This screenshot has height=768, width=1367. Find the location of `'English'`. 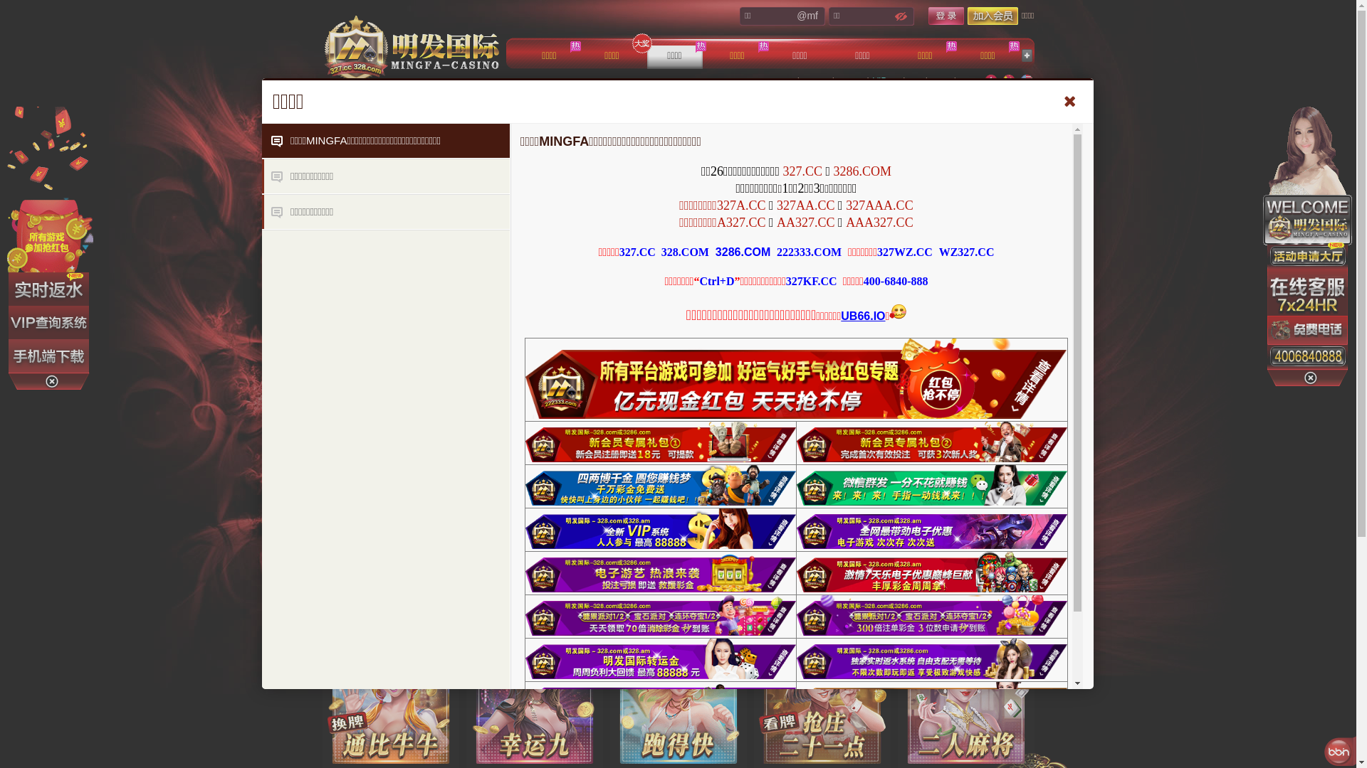

'English' is located at coordinates (1025, 81).